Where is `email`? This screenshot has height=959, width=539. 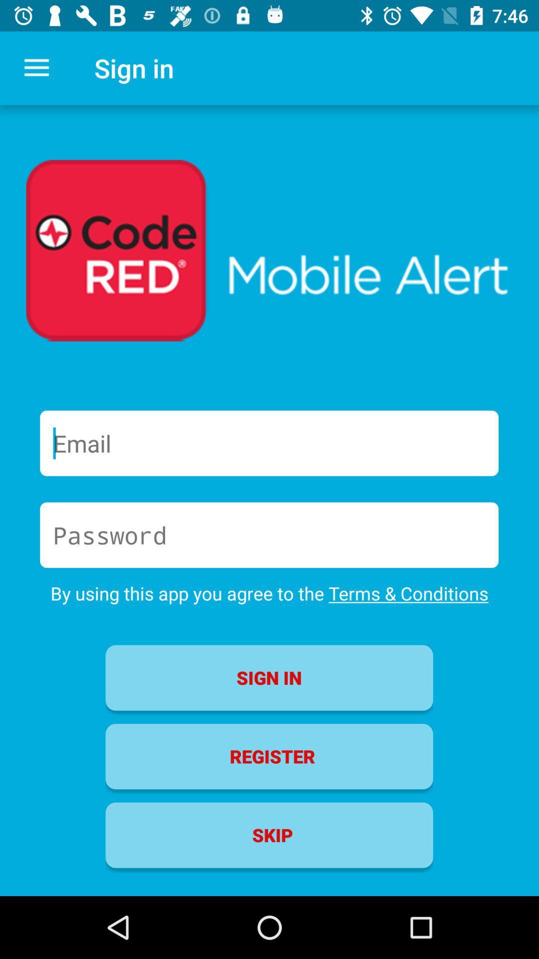
email is located at coordinates (269, 443).